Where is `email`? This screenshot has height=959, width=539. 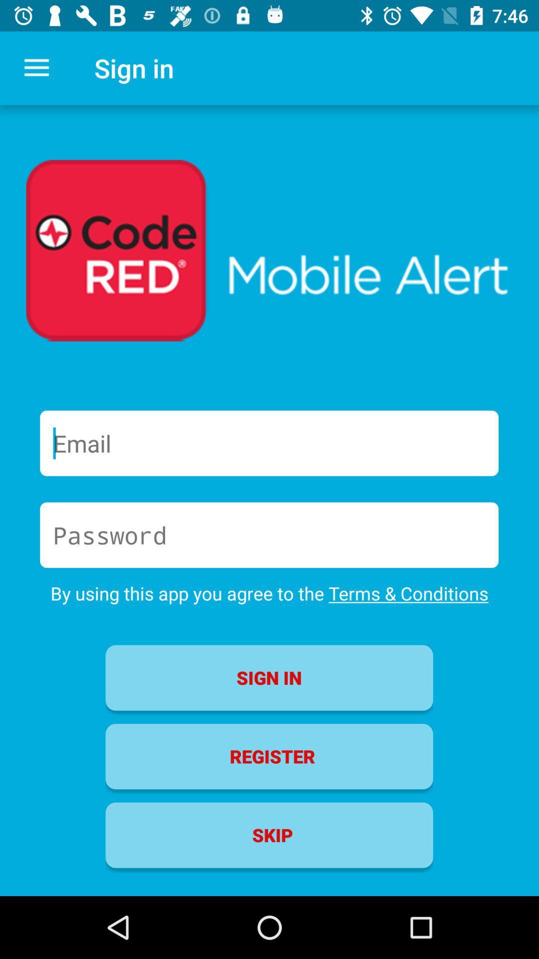
email is located at coordinates (269, 443).